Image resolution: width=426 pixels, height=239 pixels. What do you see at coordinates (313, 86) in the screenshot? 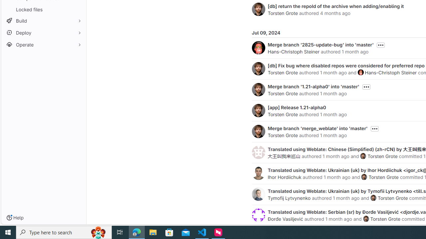
I see `'Merge branch '` at bounding box center [313, 86].